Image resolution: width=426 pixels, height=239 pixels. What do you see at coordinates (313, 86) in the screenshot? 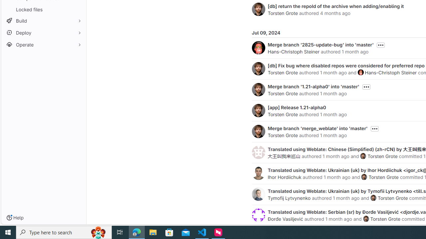
I see `'Merge branch '` at bounding box center [313, 86].